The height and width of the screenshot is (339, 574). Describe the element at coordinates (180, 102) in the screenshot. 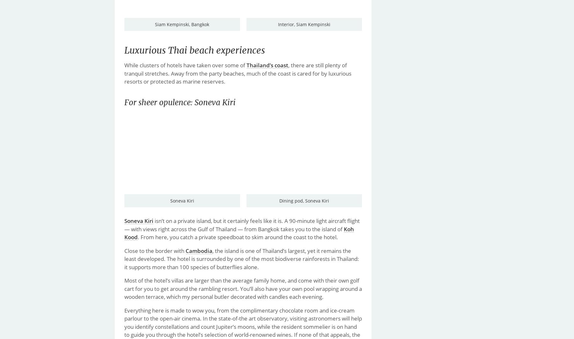

I see `'For sheer opulence: Soneva Kiri'` at that location.